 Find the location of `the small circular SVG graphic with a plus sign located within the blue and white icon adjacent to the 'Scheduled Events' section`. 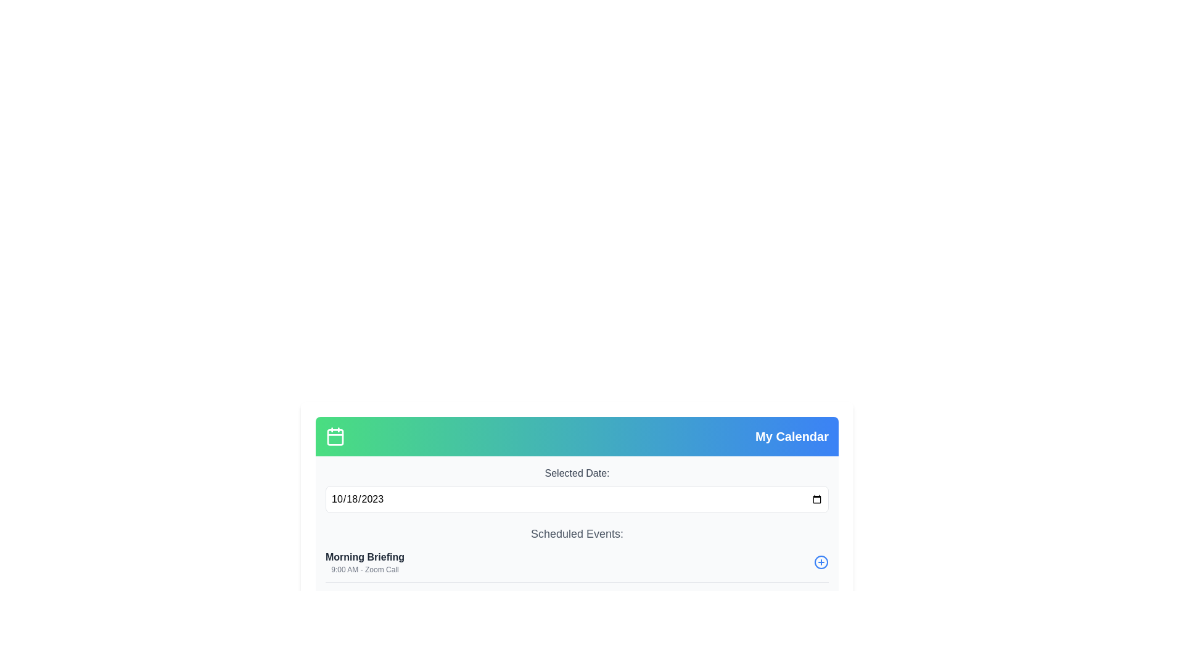

the small circular SVG graphic with a plus sign located within the blue and white icon adjacent to the 'Scheduled Events' section is located at coordinates (821, 562).